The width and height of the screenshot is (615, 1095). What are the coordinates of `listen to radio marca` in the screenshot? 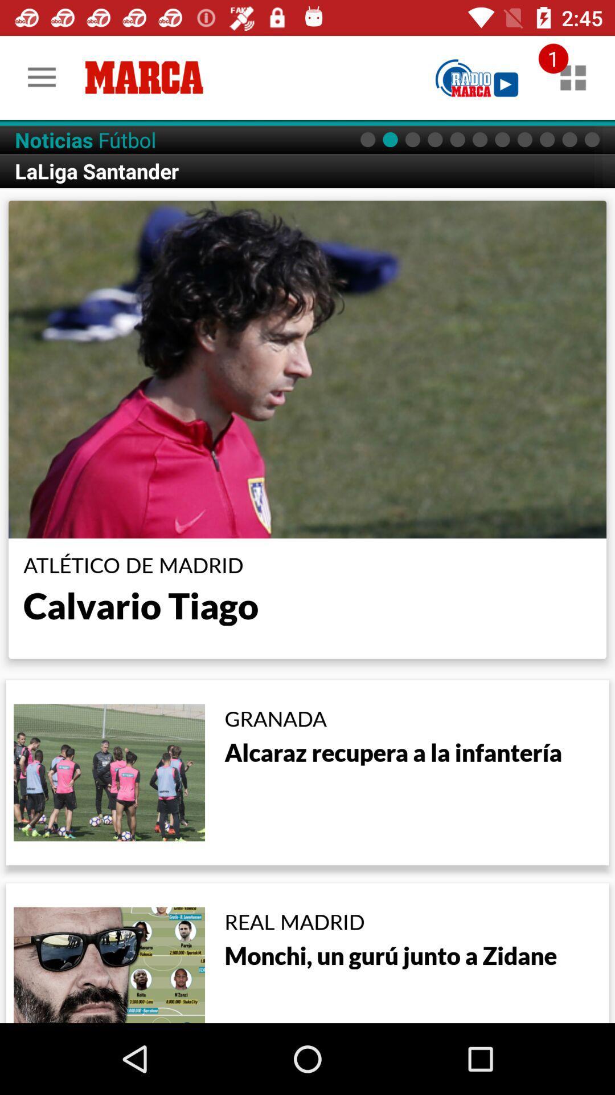 It's located at (477, 77).